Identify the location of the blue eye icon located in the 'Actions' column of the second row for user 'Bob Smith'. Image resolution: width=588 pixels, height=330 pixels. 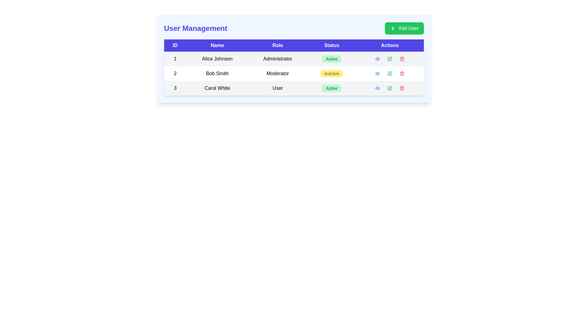
(377, 73).